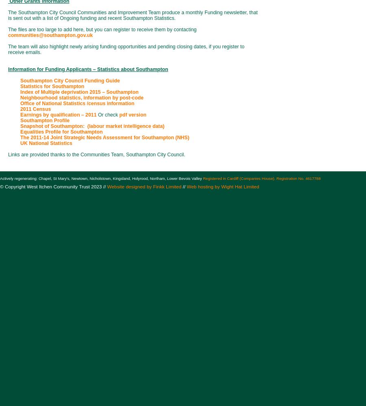 The height and width of the screenshot is (406, 366). What do you see at coordinates (7, 35) in the screenshot?
I see `'communities@southampton.gov.uk'` at bounding box center [7, 35].